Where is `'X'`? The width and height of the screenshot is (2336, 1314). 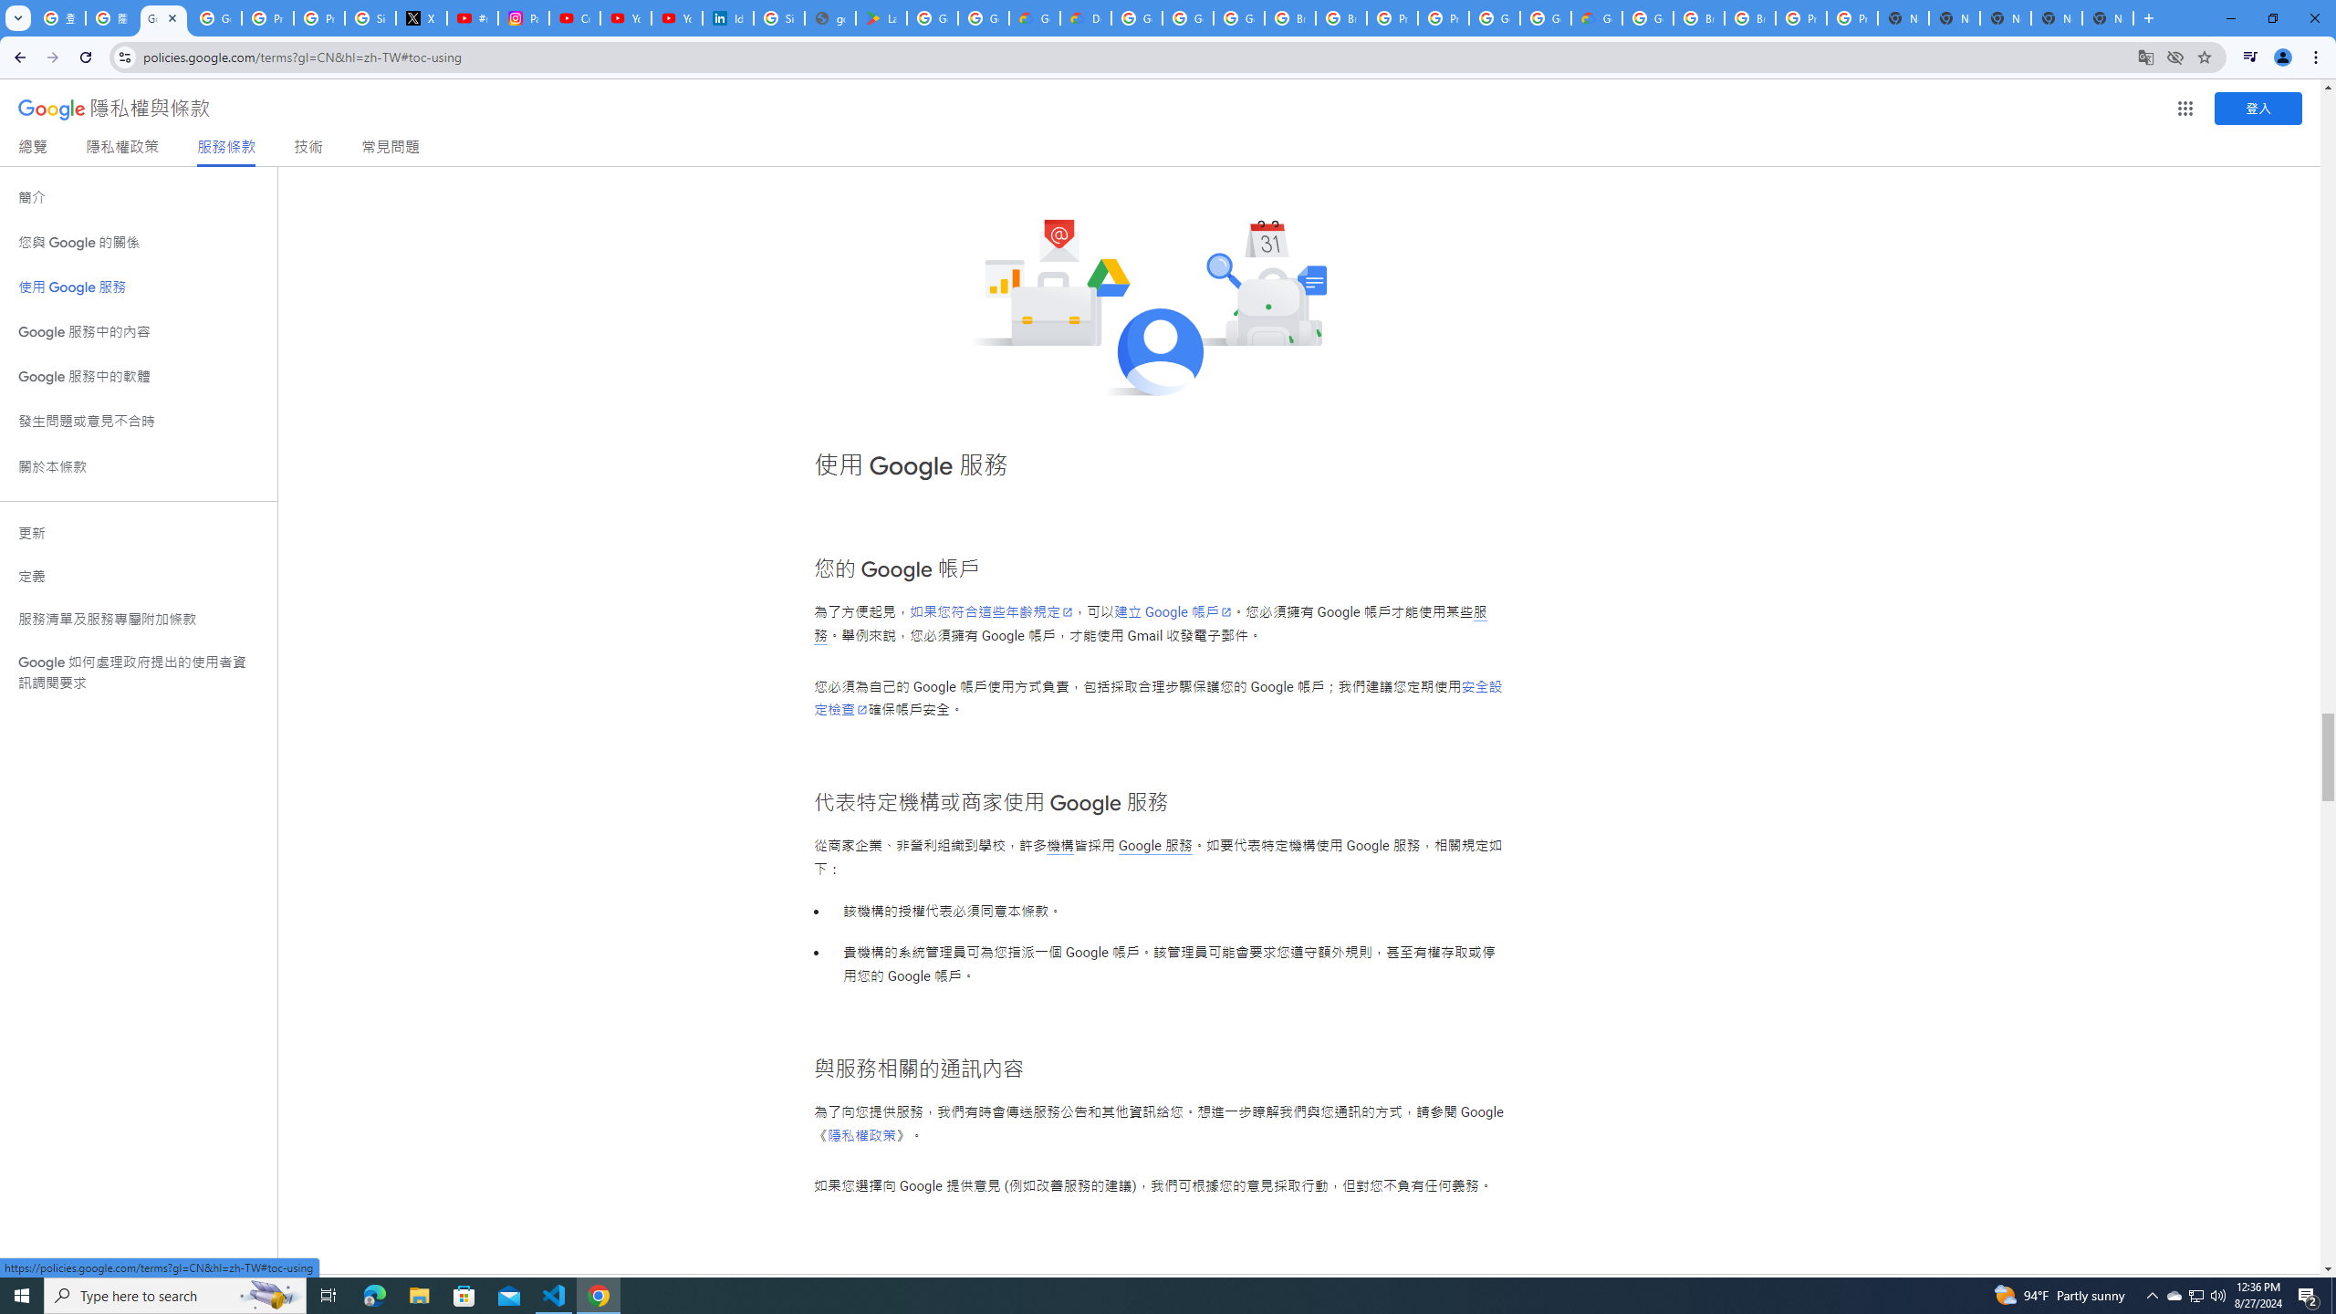 'X' is located at coordinates (421, 17).